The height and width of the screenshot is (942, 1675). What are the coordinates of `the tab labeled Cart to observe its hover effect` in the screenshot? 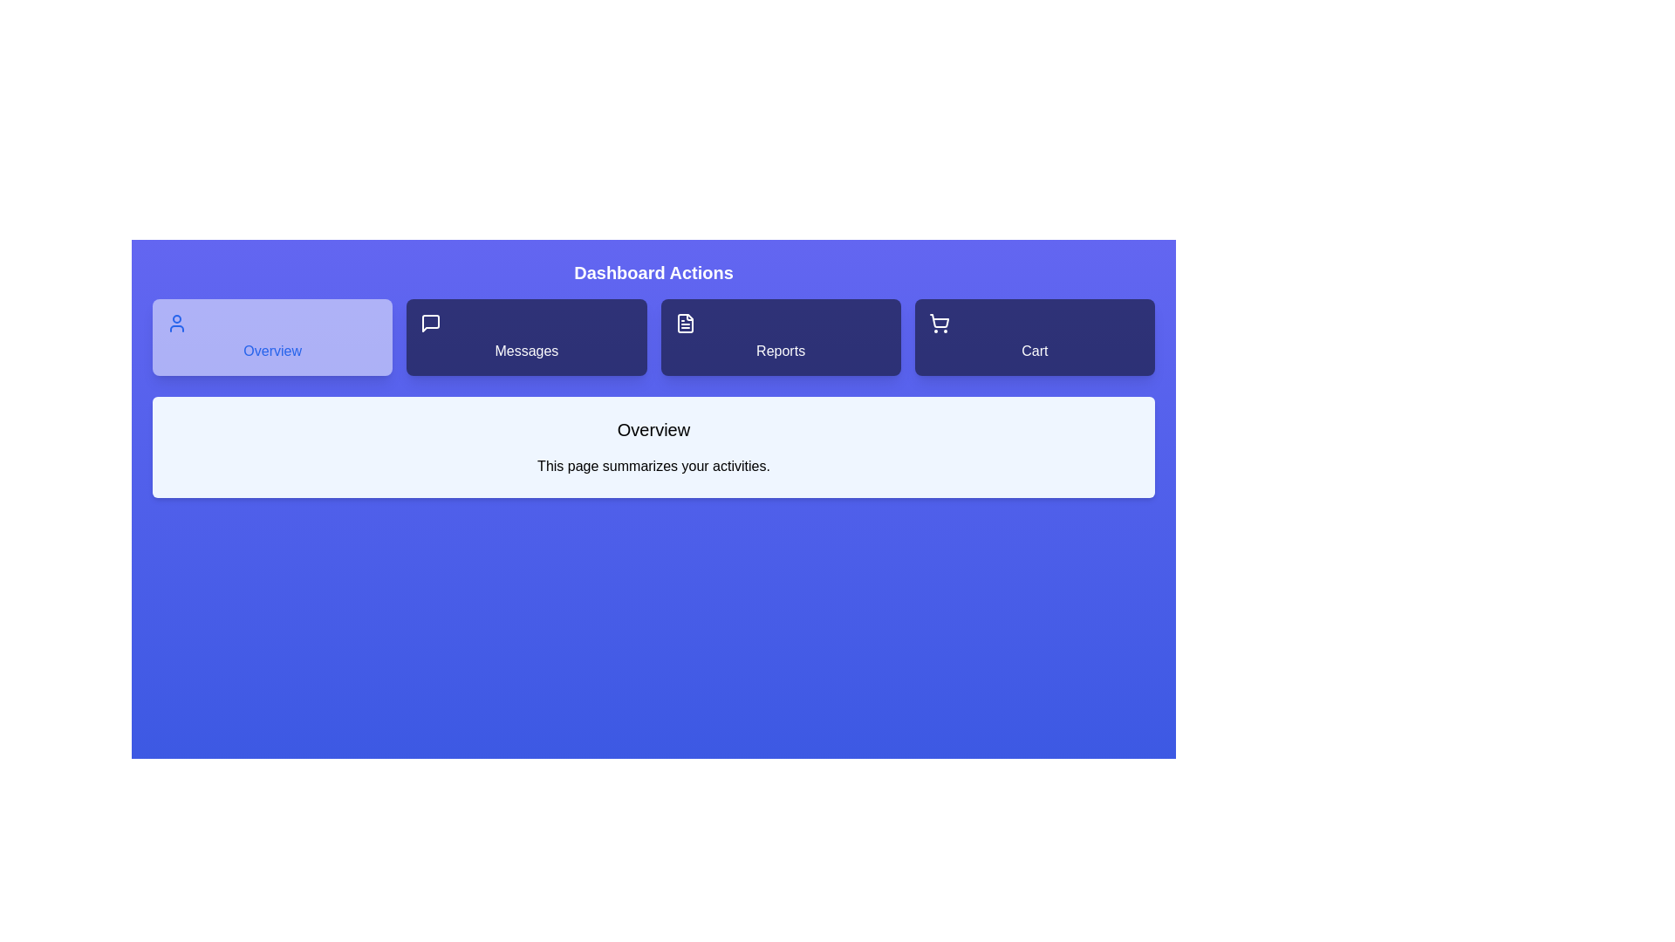 It's located at (1035, 337).